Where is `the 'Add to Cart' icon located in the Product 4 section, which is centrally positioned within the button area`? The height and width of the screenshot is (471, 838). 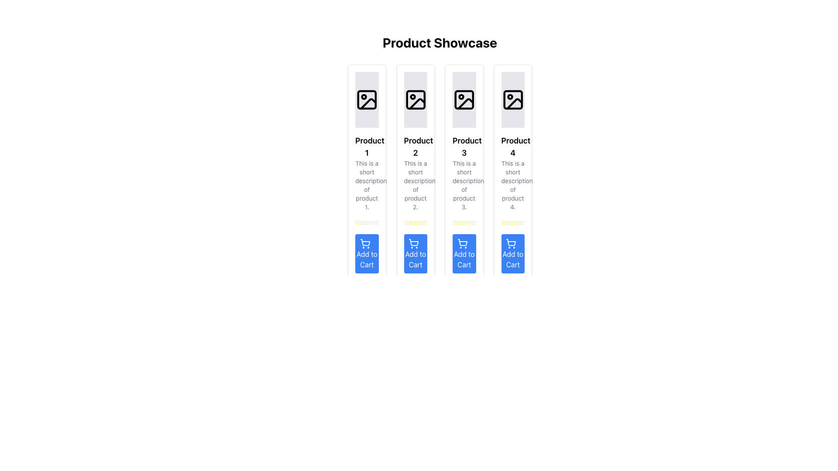
the 'Add to Cart' icon located in the Product 4 section, which is centrally positioned within the button area is located at coordinates (511, 242).